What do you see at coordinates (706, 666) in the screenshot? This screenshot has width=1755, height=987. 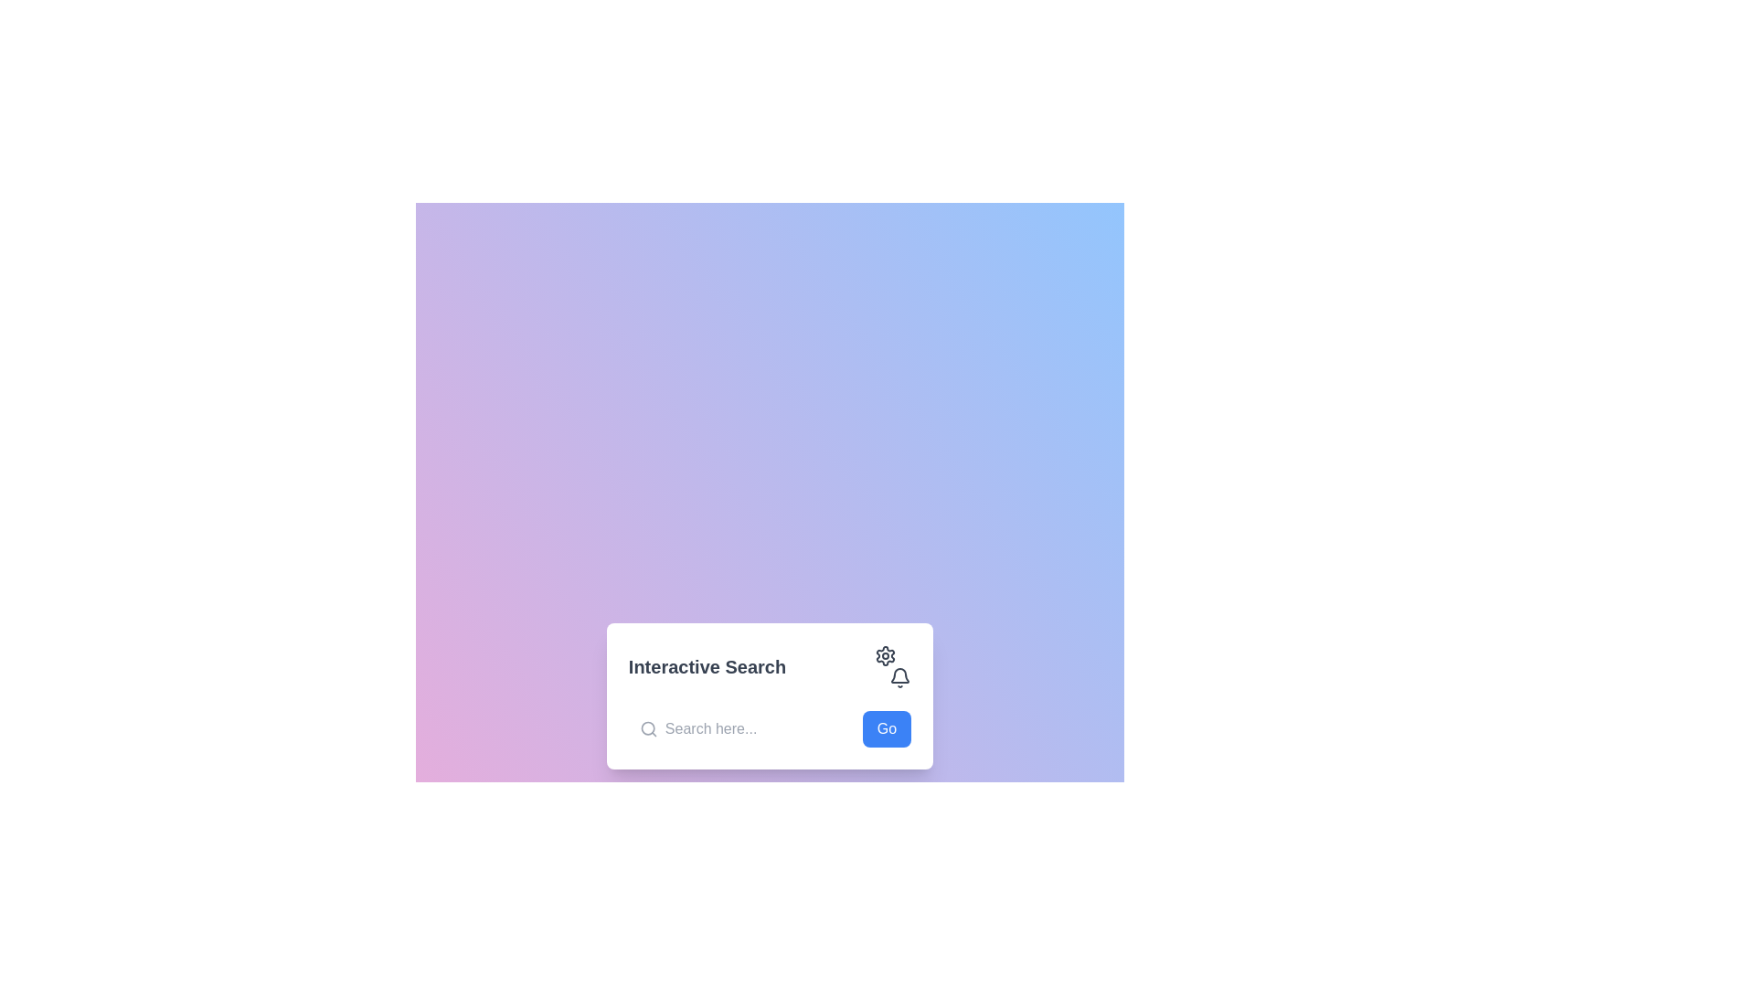 I see `the bold text label reading 'Interactive Search', which is centrally aligned within a minimalistic white card interface, located at the center-bottom region of the interface` at bounding box center [706, 666].